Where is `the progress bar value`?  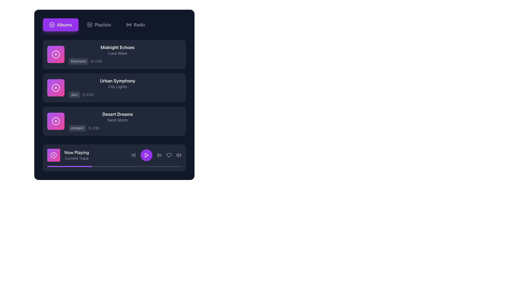
the progress bar value is located at coordinates (91, 166).